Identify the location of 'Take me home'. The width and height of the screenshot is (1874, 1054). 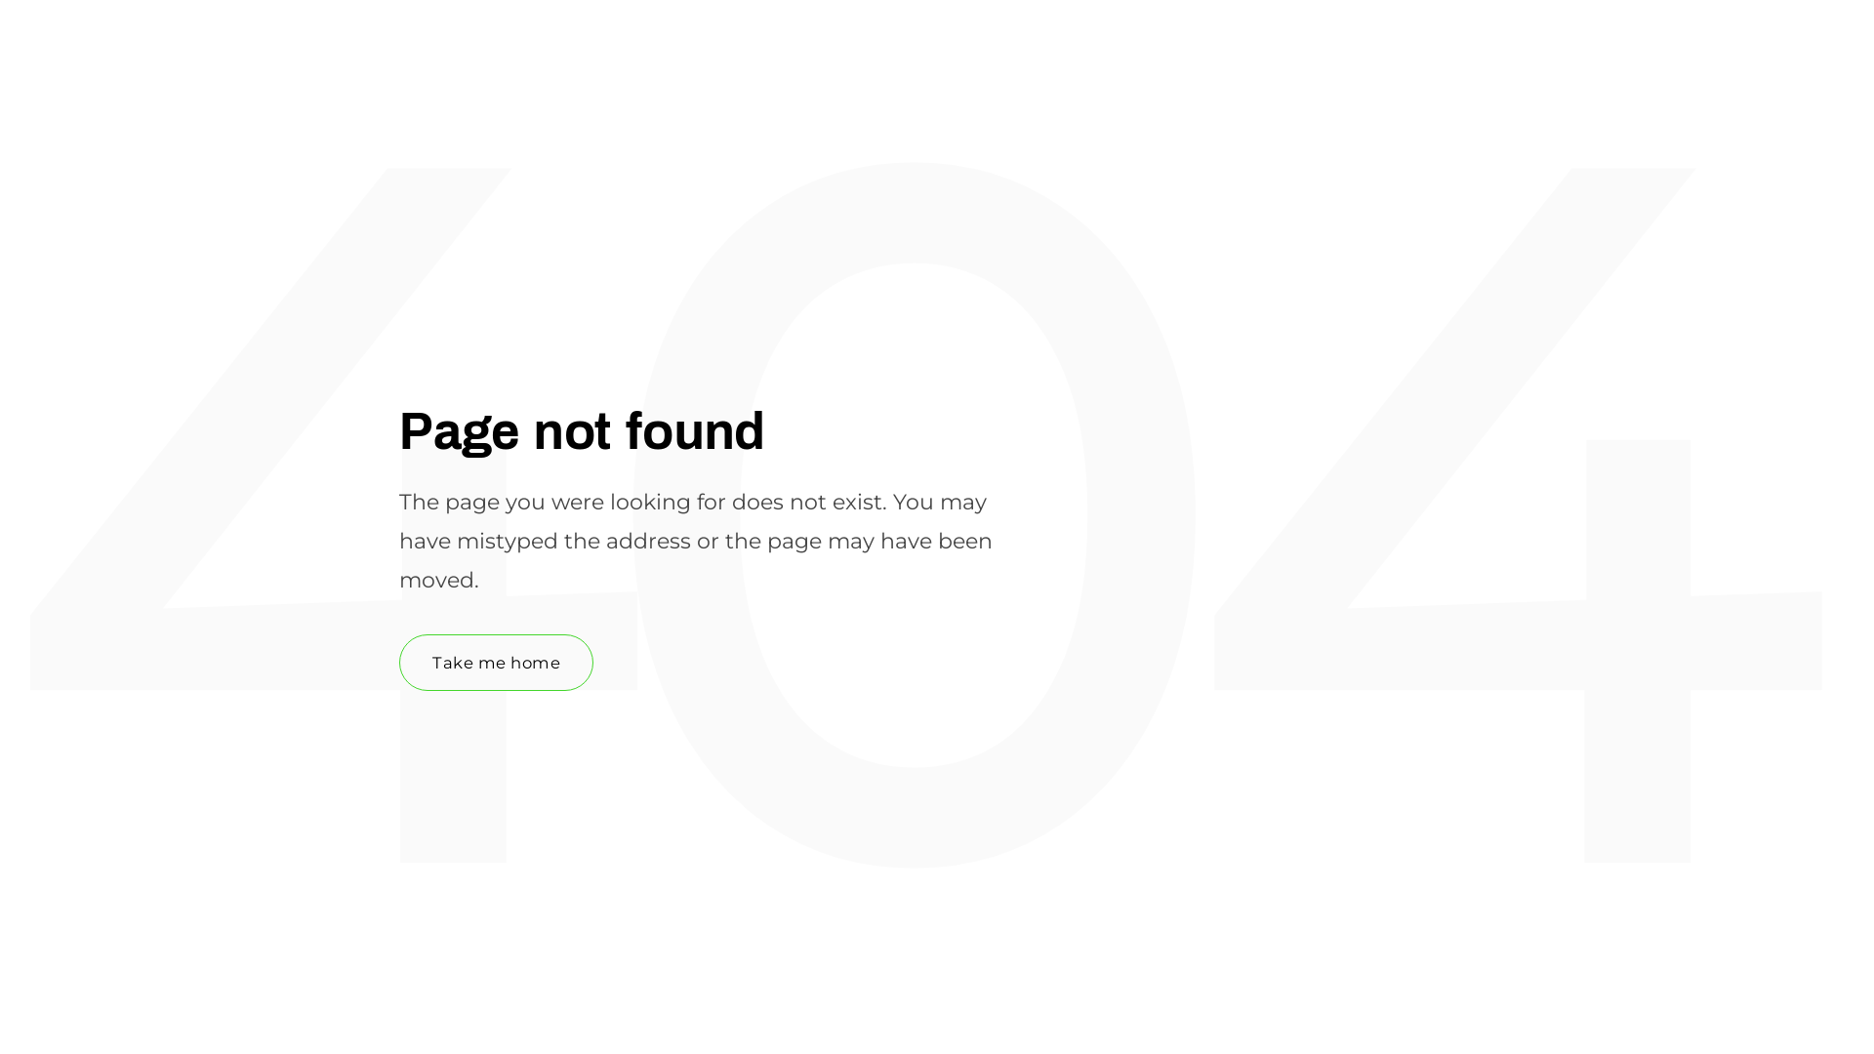
(496, 661).